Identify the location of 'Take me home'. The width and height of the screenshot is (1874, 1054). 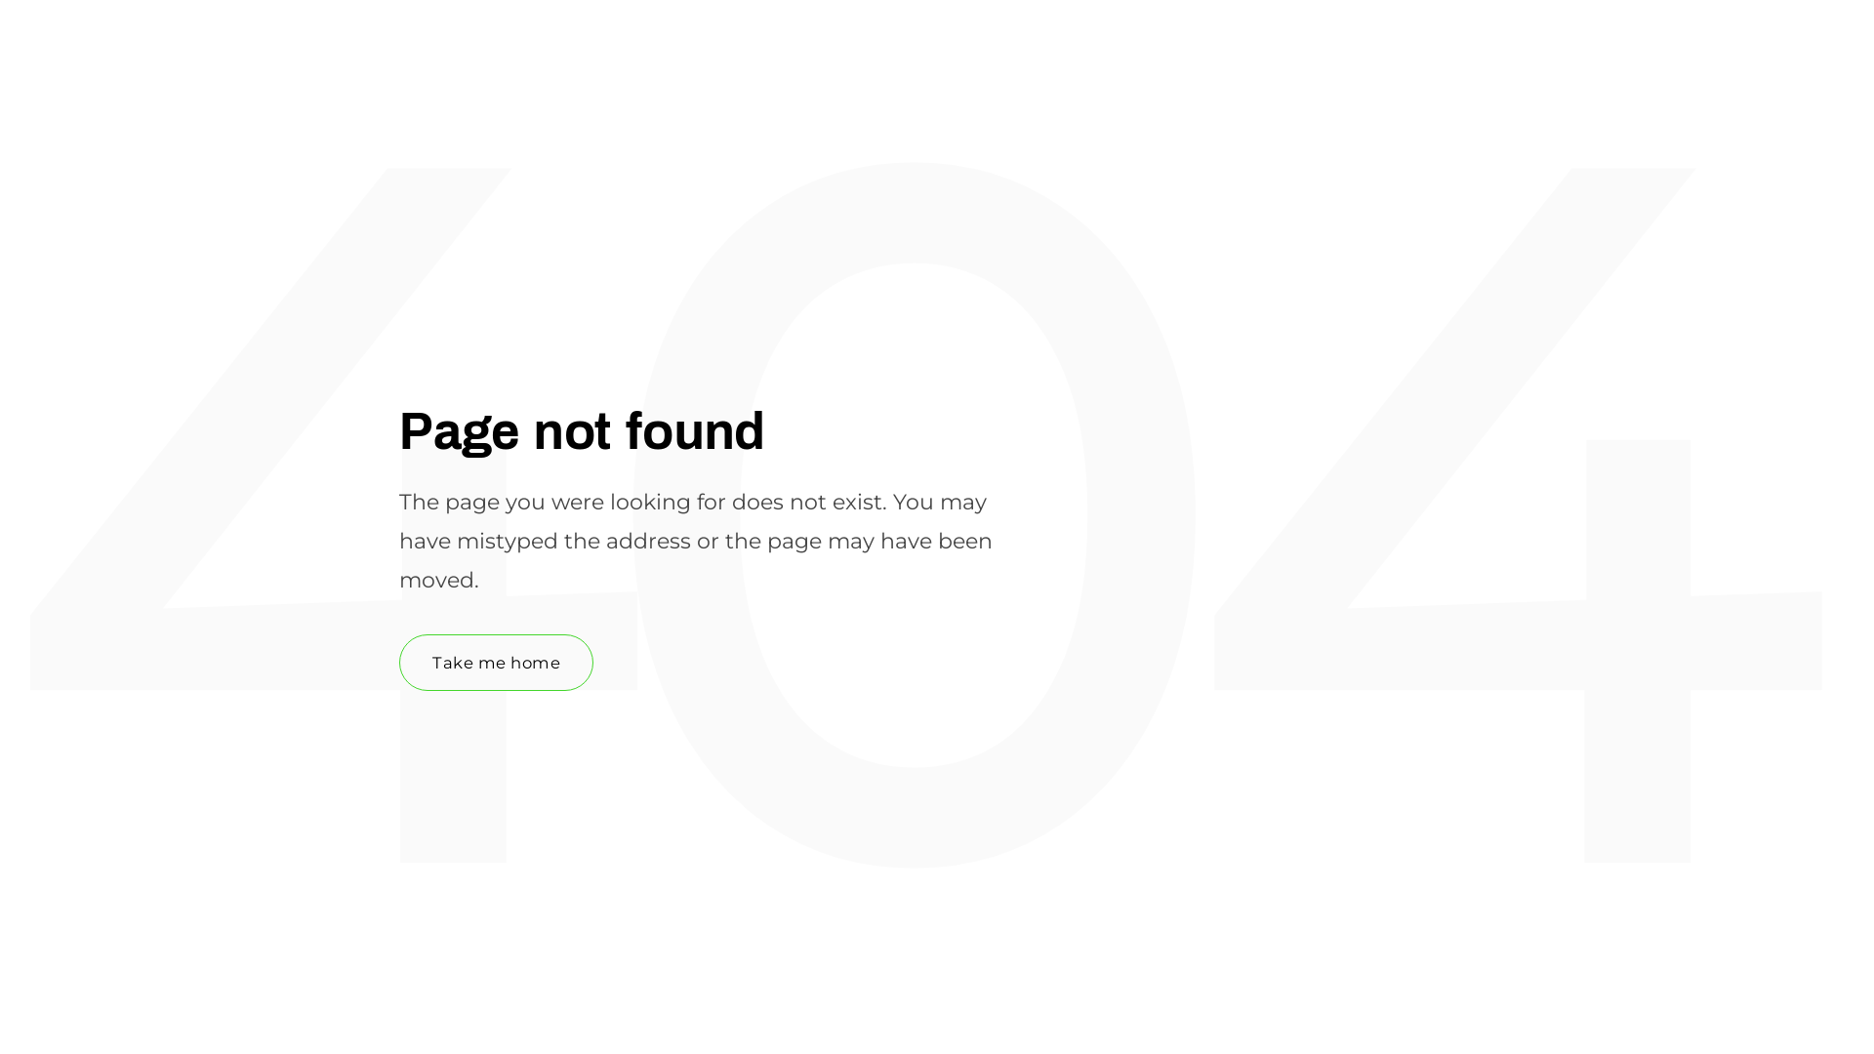
(496, 661).